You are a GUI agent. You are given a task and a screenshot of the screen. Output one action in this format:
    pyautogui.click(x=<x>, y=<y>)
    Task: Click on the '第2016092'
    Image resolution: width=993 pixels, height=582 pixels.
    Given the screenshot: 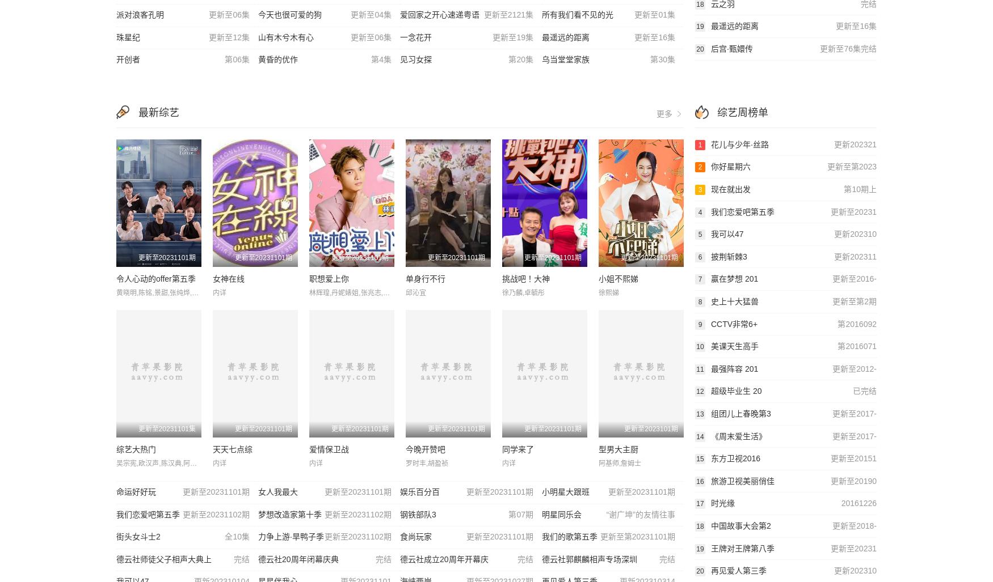 What is the action you would take?
    pyautogui.click(x=837, y=324)
    